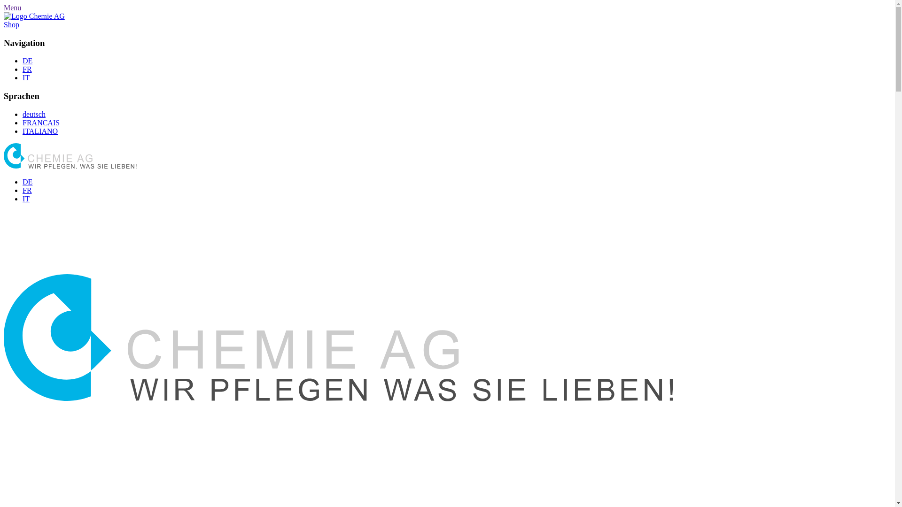 This screenshot has height=507, width=902. I want to click on 'IT', so click(26, 198).